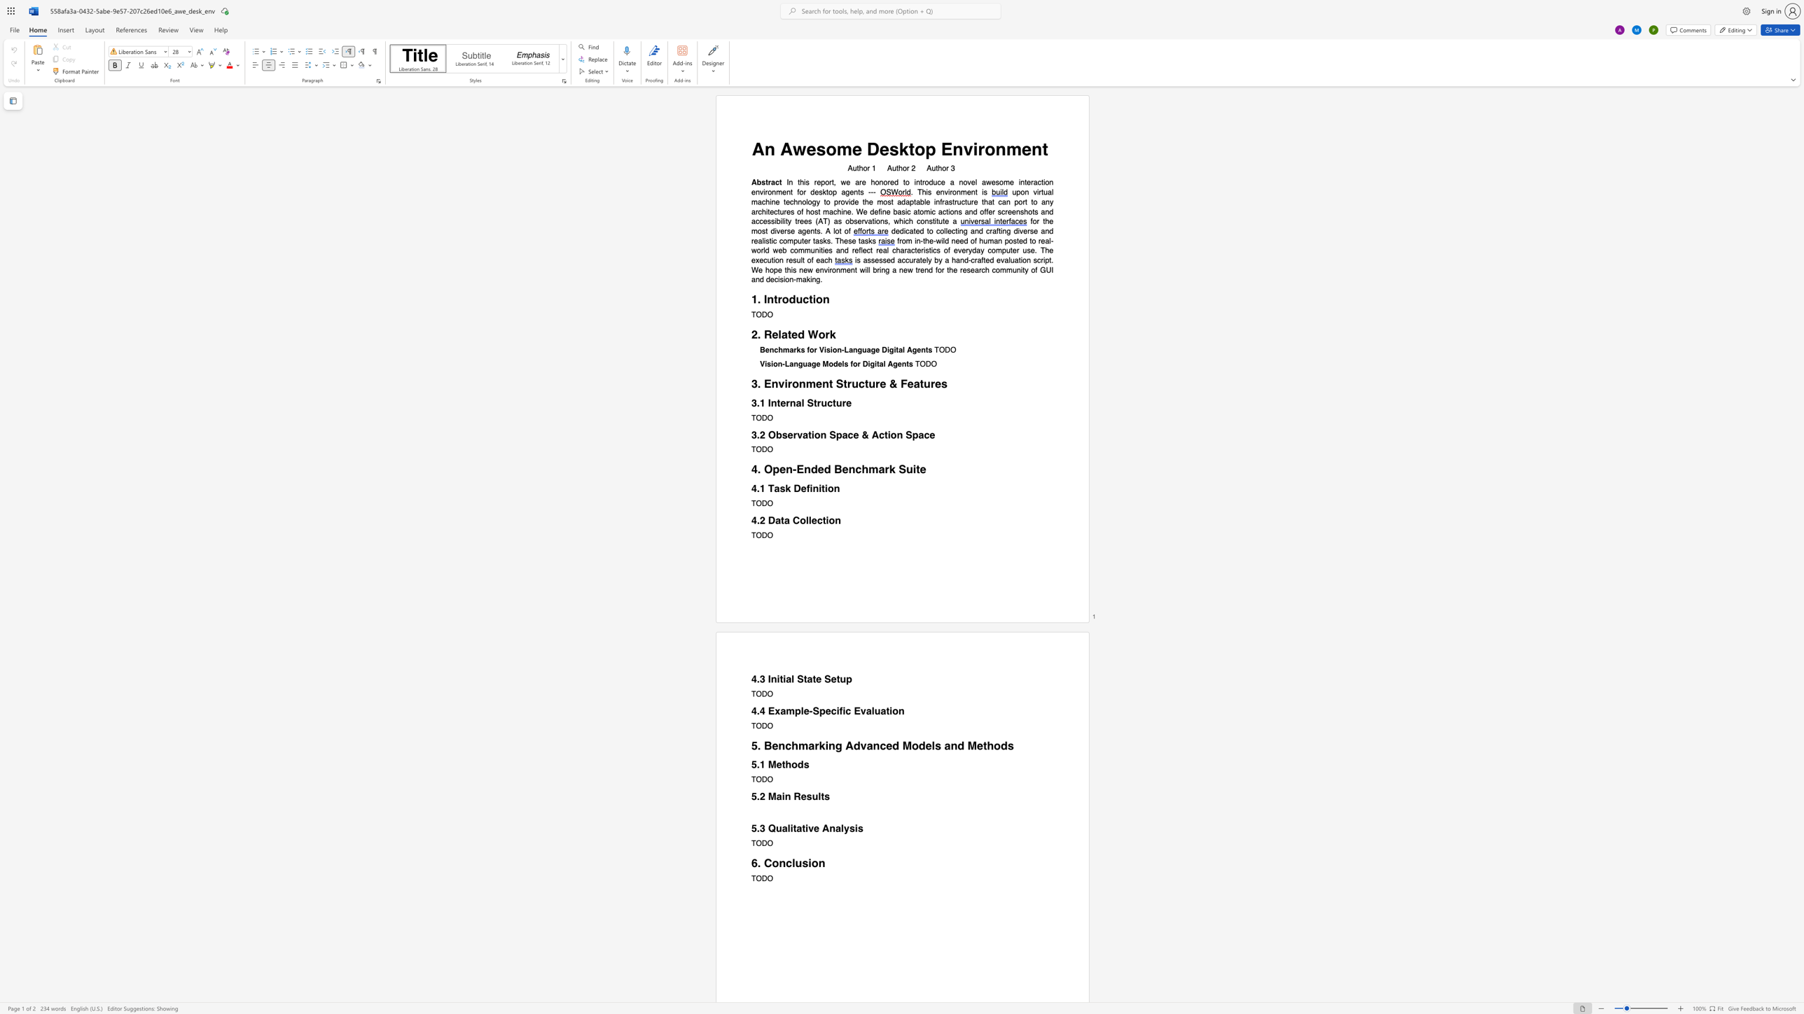 The height and width of the screenshot is (1014, 1804). What do you see at coordinates (835, 230) in the screenshot?
I see `the space between the continuous character "l" and "o" in the text` at bounding box center [835, 230].